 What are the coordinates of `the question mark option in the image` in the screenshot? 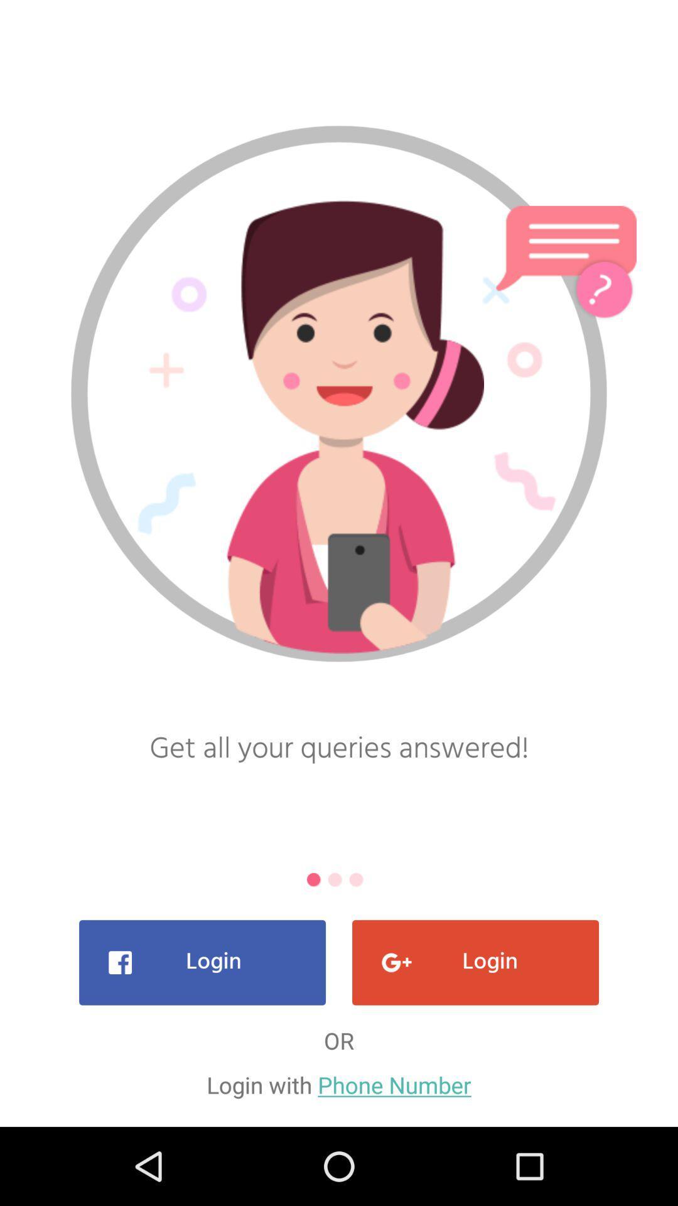 It's located at (603, 288).